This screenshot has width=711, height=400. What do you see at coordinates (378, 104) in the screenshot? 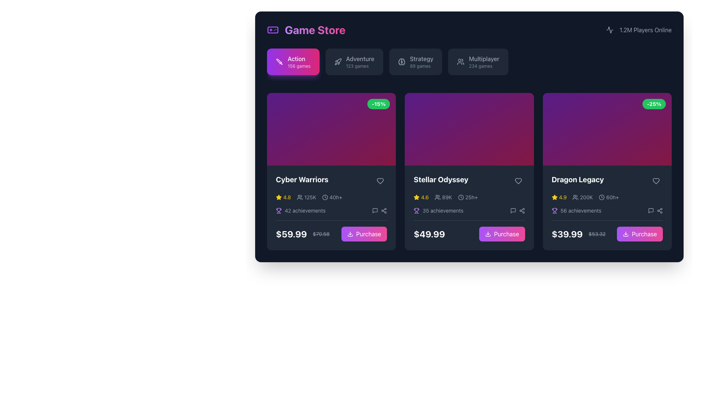
I see `the green badge with the text '-15%' displayed in white, located in the top-right corner of the first card in a three-card layout` at bounding box center [378, 104].